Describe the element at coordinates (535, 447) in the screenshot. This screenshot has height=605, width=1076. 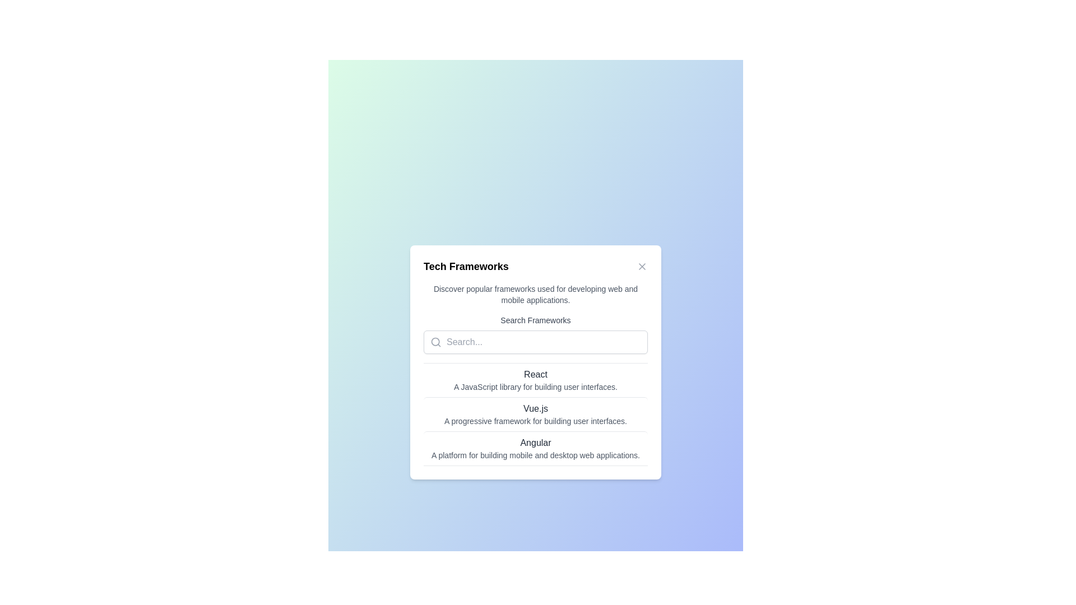
I see `the informational card labeled 'Angular' which describes it as 'A platform for building mobile and desktop web applications.' This card is the third item in the 'Tech Frameworks' section and is visually distinct with a bold label and smaller descriptive text` at that location.